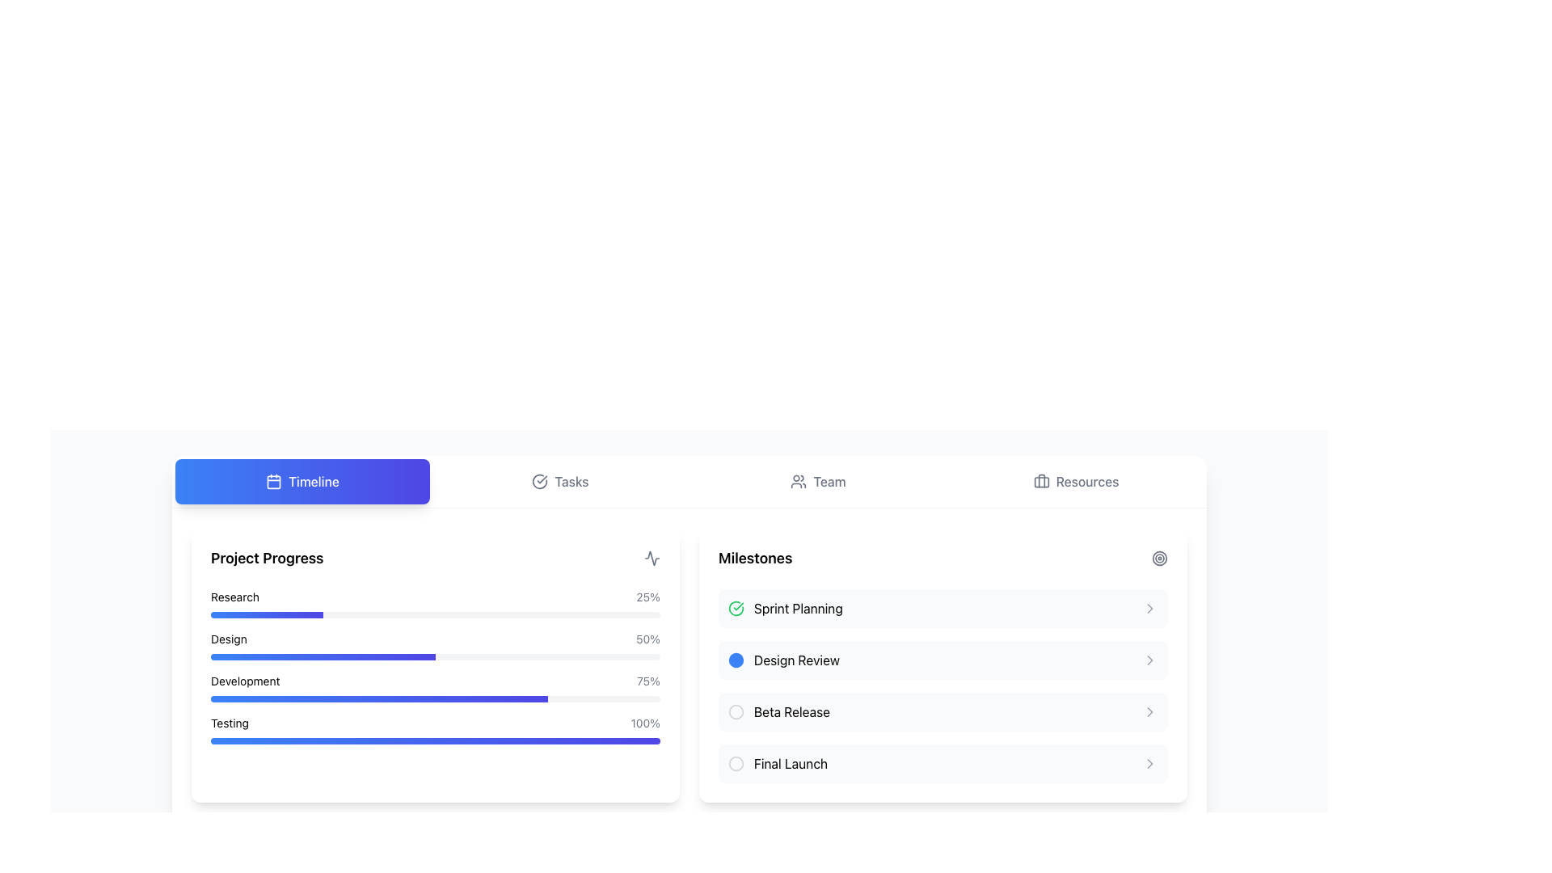  Describe the element at coordinates (435, 698) in the screenshot. I see `the Progress Bar that visually represents the 75% completion level of the 'Development' task, located below the 'Development' label in the 'Project Progress' section` at that location.